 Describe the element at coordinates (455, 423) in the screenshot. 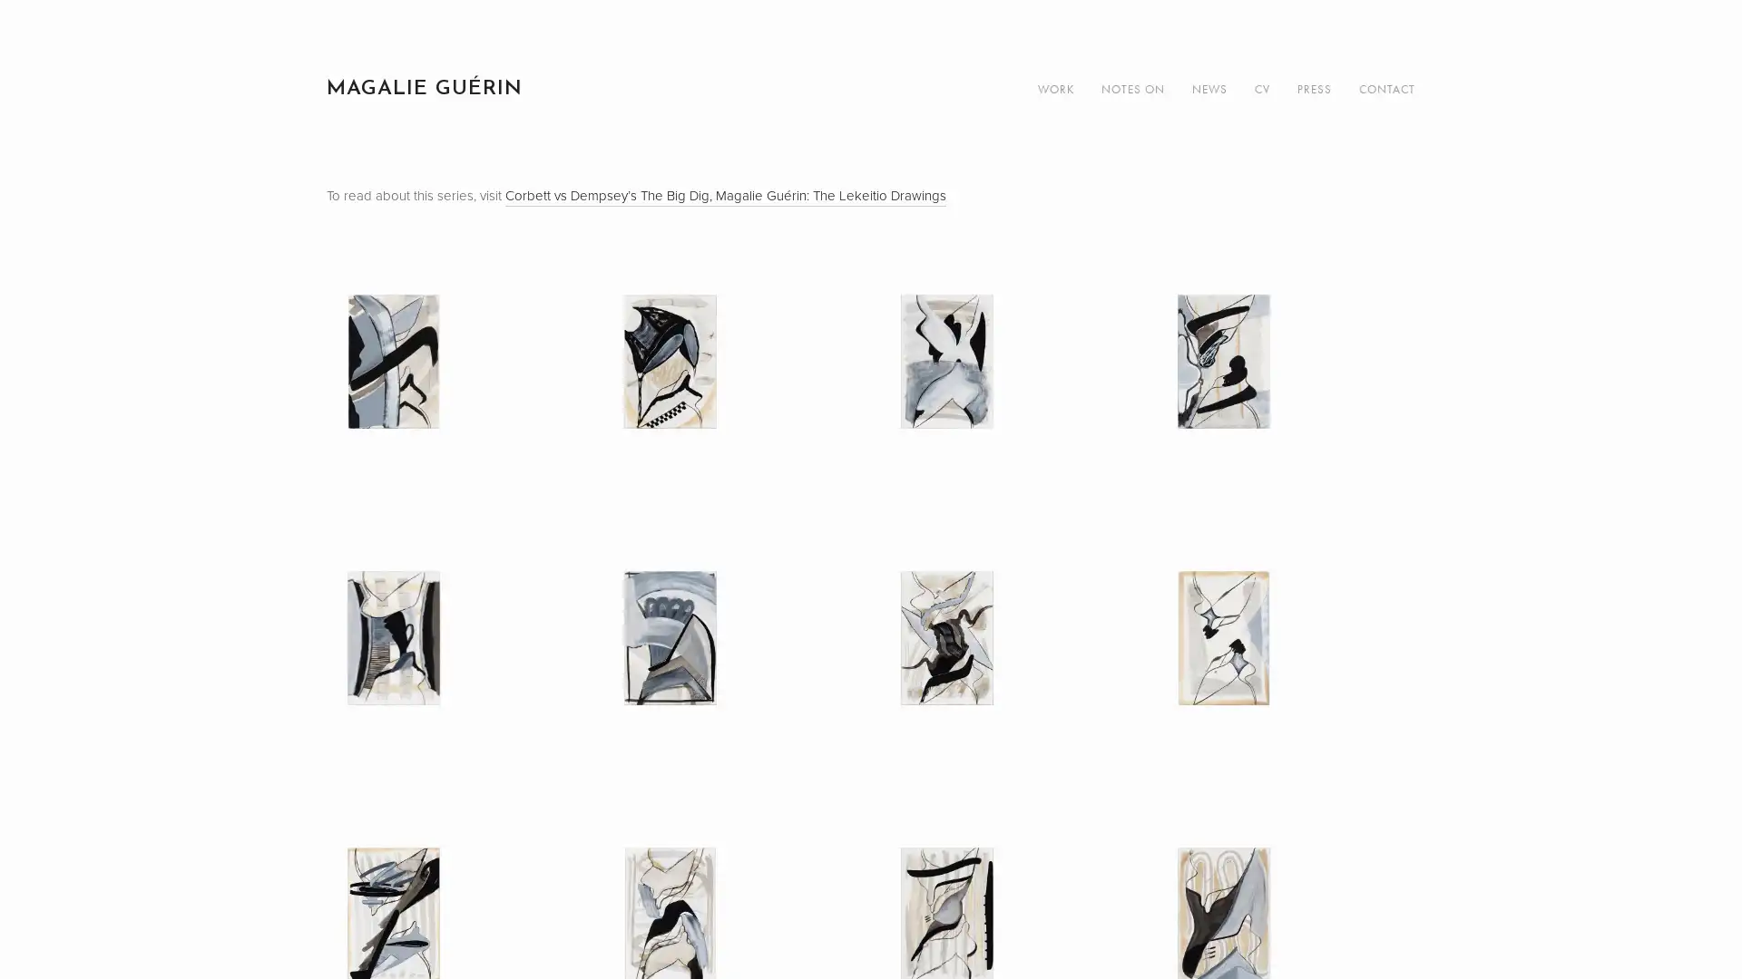

I see `View fullsize Untitled (LK 01), 2019` at that location.